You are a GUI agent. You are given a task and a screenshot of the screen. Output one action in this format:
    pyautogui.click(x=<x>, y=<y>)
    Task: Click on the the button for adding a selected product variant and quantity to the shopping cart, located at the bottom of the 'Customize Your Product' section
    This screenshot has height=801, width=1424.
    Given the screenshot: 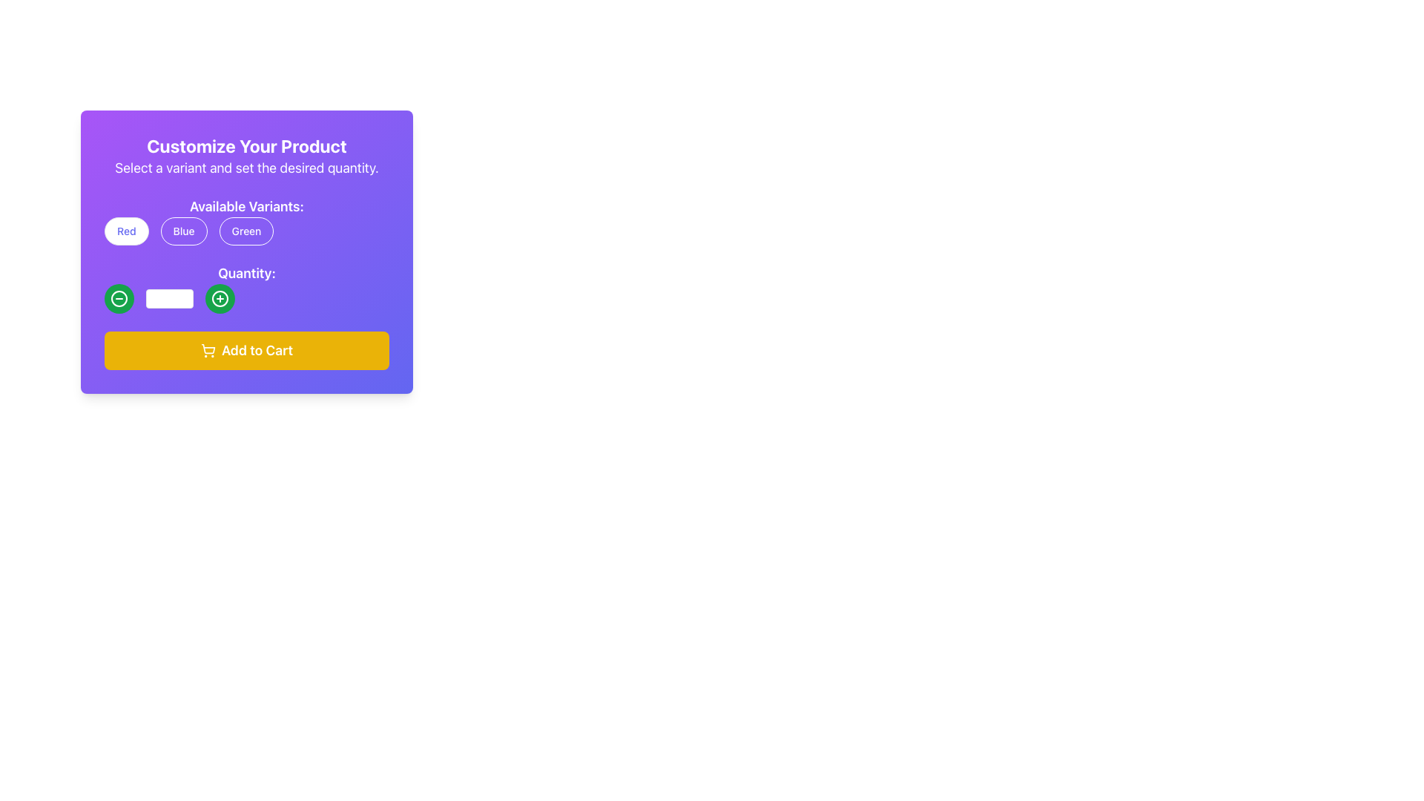 What is the action you would take?
    pyautogui.click(x=246, y=351)
    